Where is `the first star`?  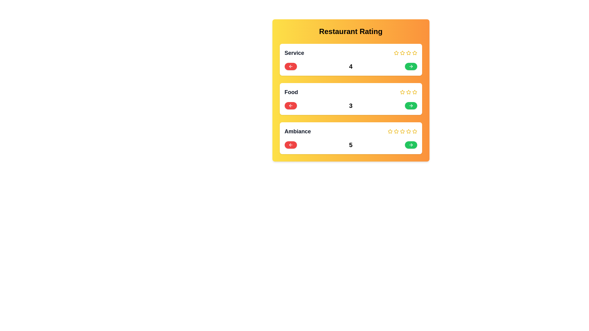 the first star is located at coordinates (402, 92).